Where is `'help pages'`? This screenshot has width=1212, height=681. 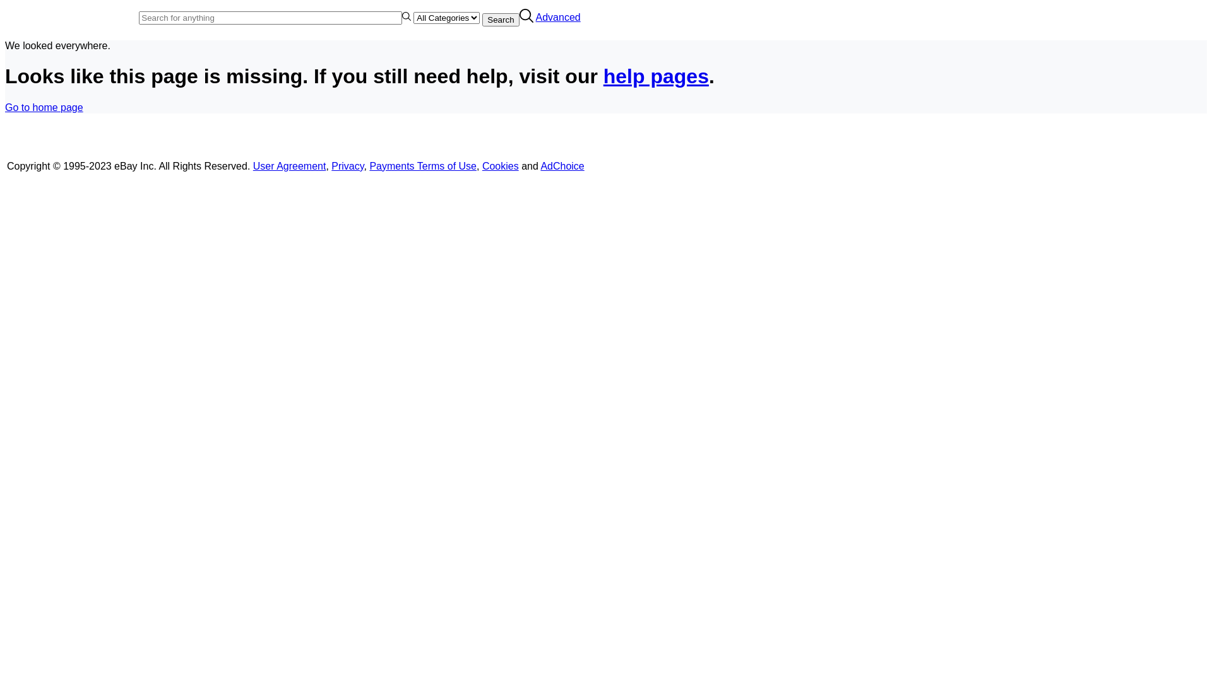 'help pages' is located at coordinates (656, 76).